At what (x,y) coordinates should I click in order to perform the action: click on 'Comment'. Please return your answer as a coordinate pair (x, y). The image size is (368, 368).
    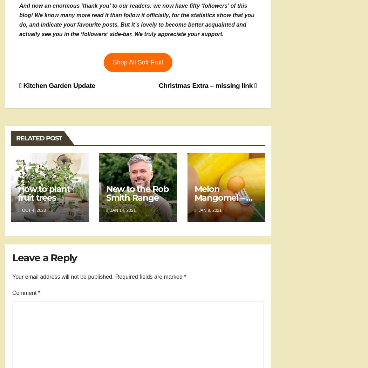
    Looking at the image, I should click on (25, 293).